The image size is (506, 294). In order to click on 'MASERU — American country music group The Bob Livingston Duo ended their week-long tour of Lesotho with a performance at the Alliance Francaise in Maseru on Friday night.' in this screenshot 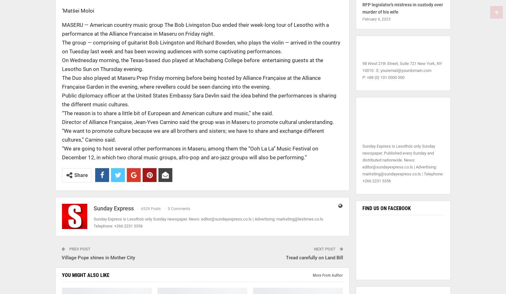, I will do `click(195, 29)`.